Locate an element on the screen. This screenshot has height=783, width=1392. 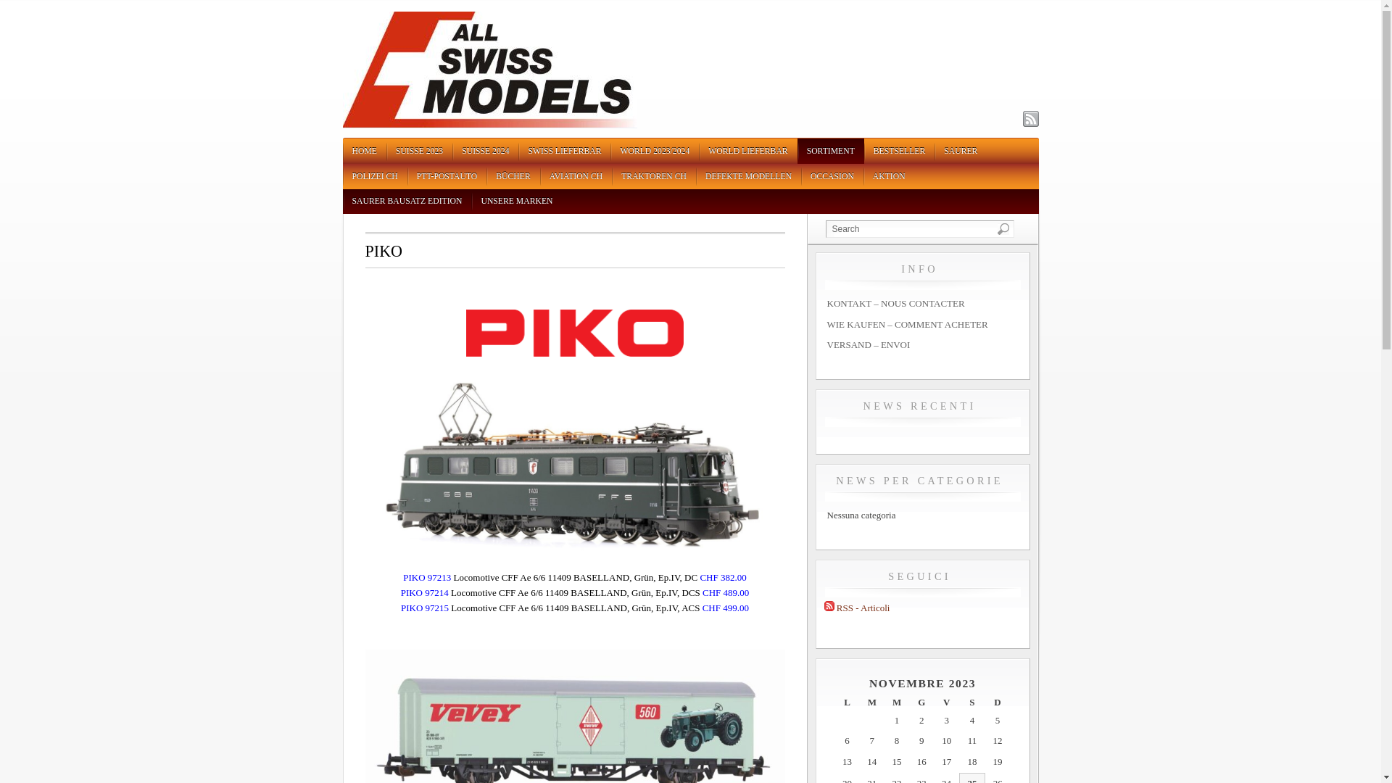
'WORLD 2023/2024' is located at coordinates (653, 151).